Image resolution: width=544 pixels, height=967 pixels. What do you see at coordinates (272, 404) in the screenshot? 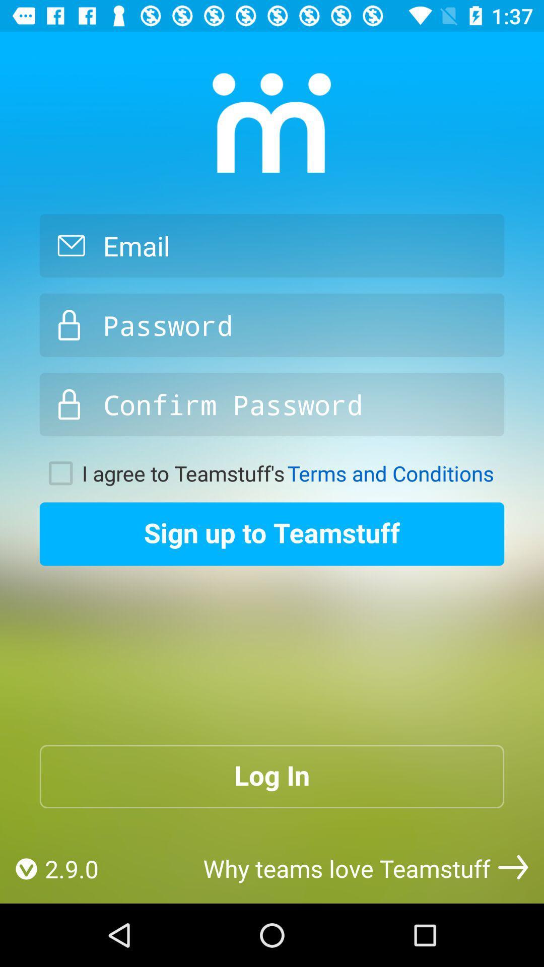
I see `confirm password` at bounding box center [272, 404].